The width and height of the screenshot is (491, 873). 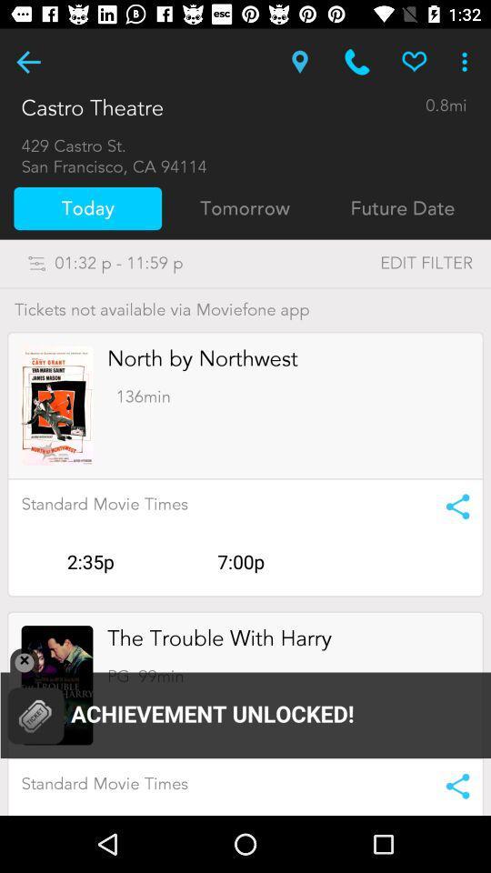 I want to click on shre button, so click(x=451, y=507).